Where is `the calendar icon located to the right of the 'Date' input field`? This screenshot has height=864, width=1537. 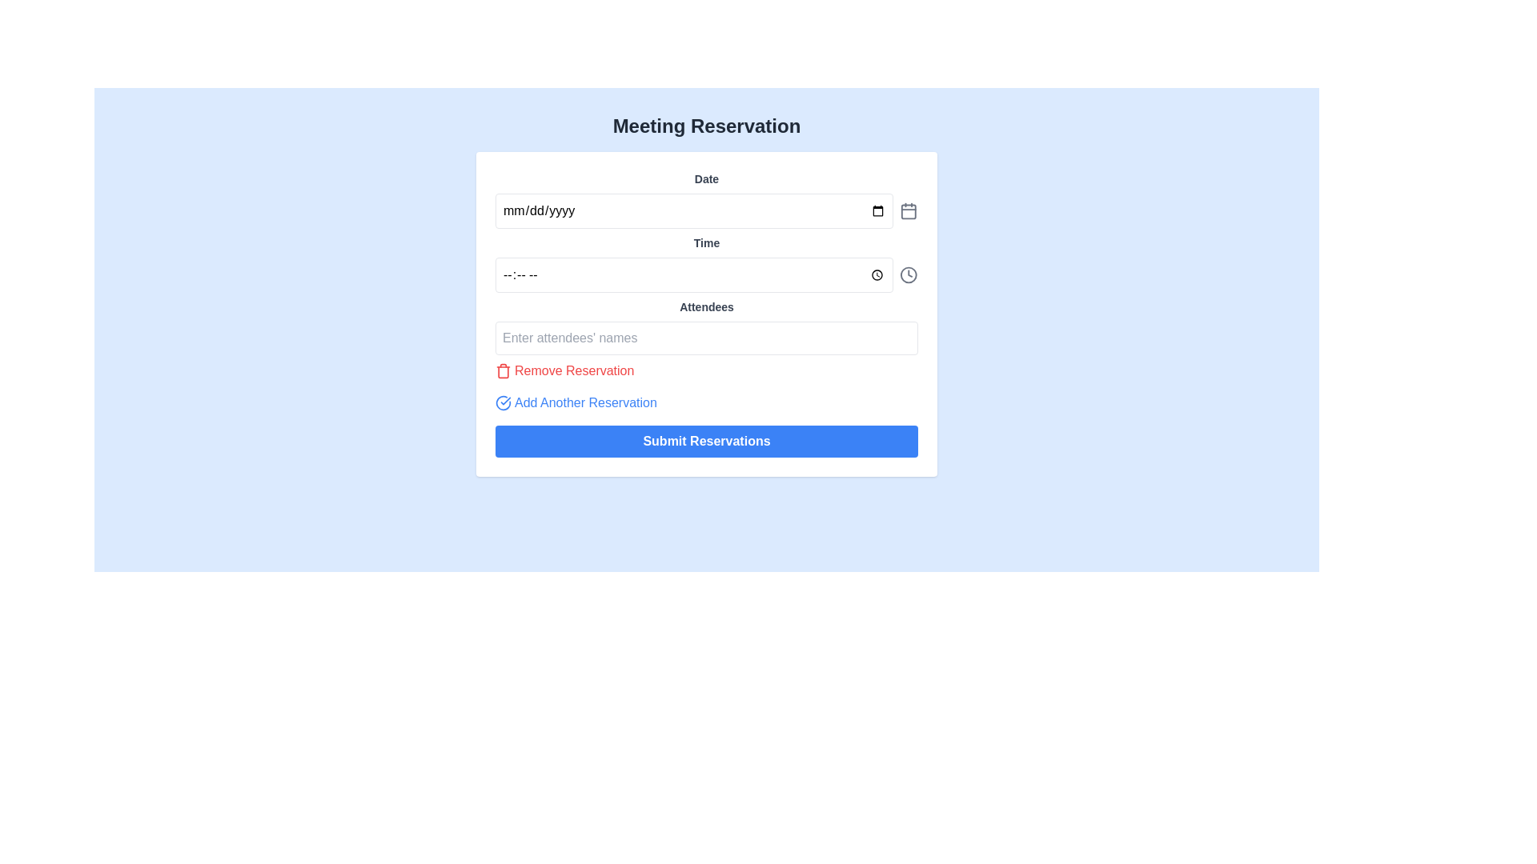 the calendar icon located to the right of the 'Date' input field is located at coordinates (909, 210).